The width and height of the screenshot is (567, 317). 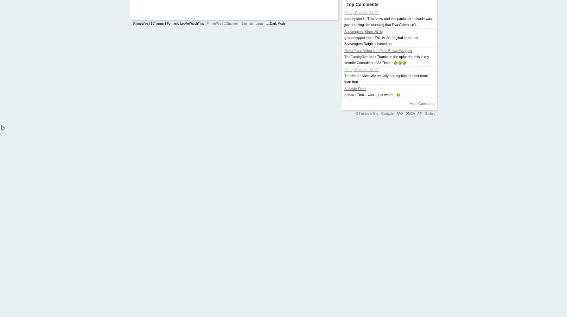 I want to click on 'Dark Mode', so click(x=277, y=23).